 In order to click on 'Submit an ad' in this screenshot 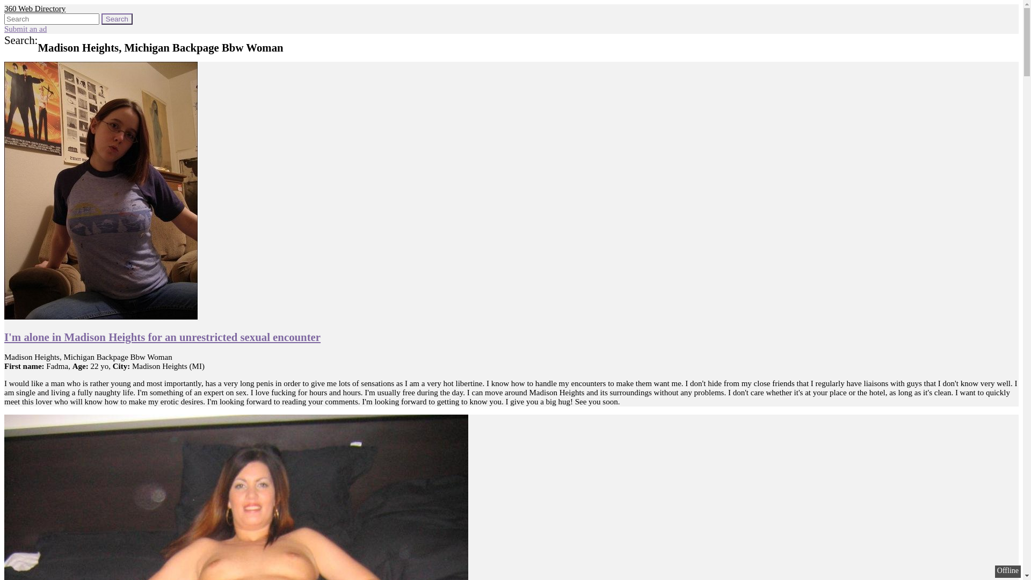, I will do `click(25, 28)`.